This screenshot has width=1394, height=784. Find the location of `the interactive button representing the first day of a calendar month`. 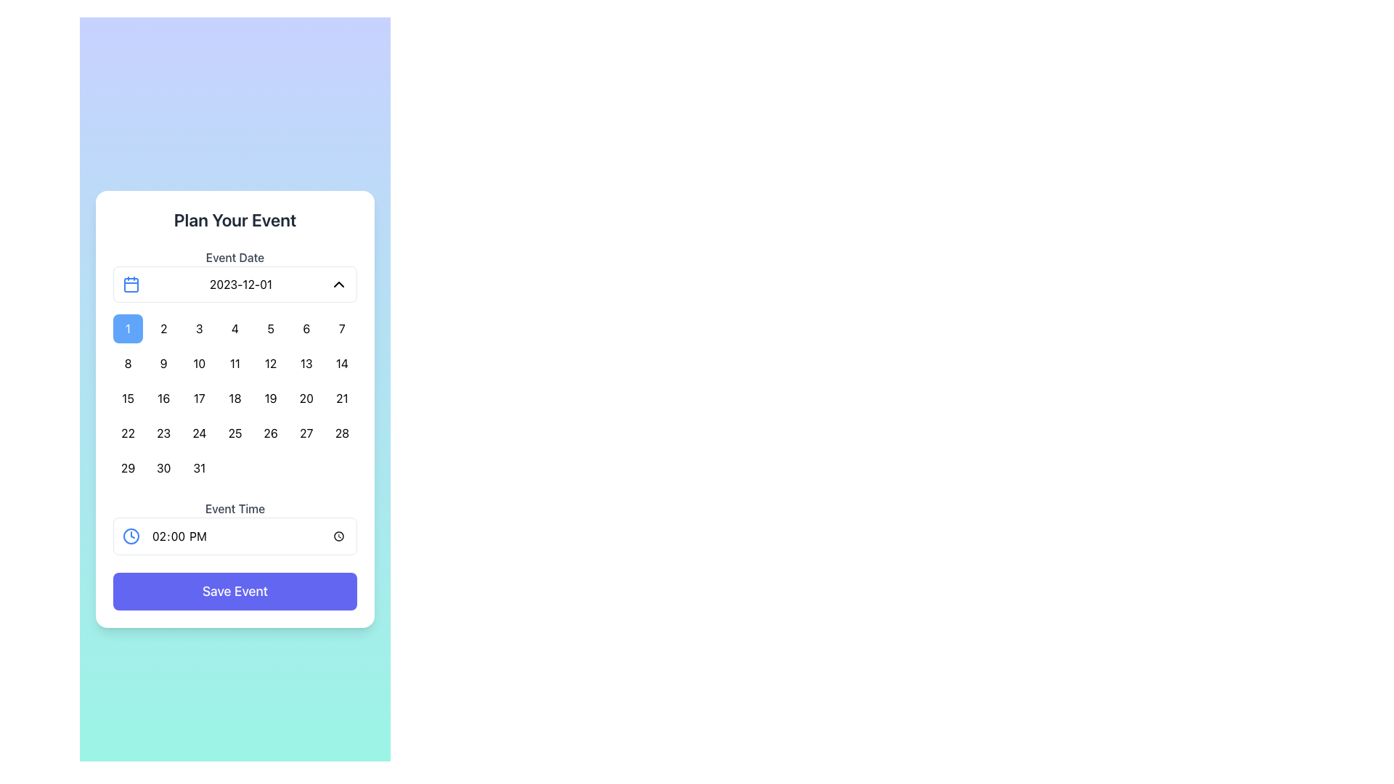

the interactive button representing the first day of a calendar month is located at coordinates (128, 328).